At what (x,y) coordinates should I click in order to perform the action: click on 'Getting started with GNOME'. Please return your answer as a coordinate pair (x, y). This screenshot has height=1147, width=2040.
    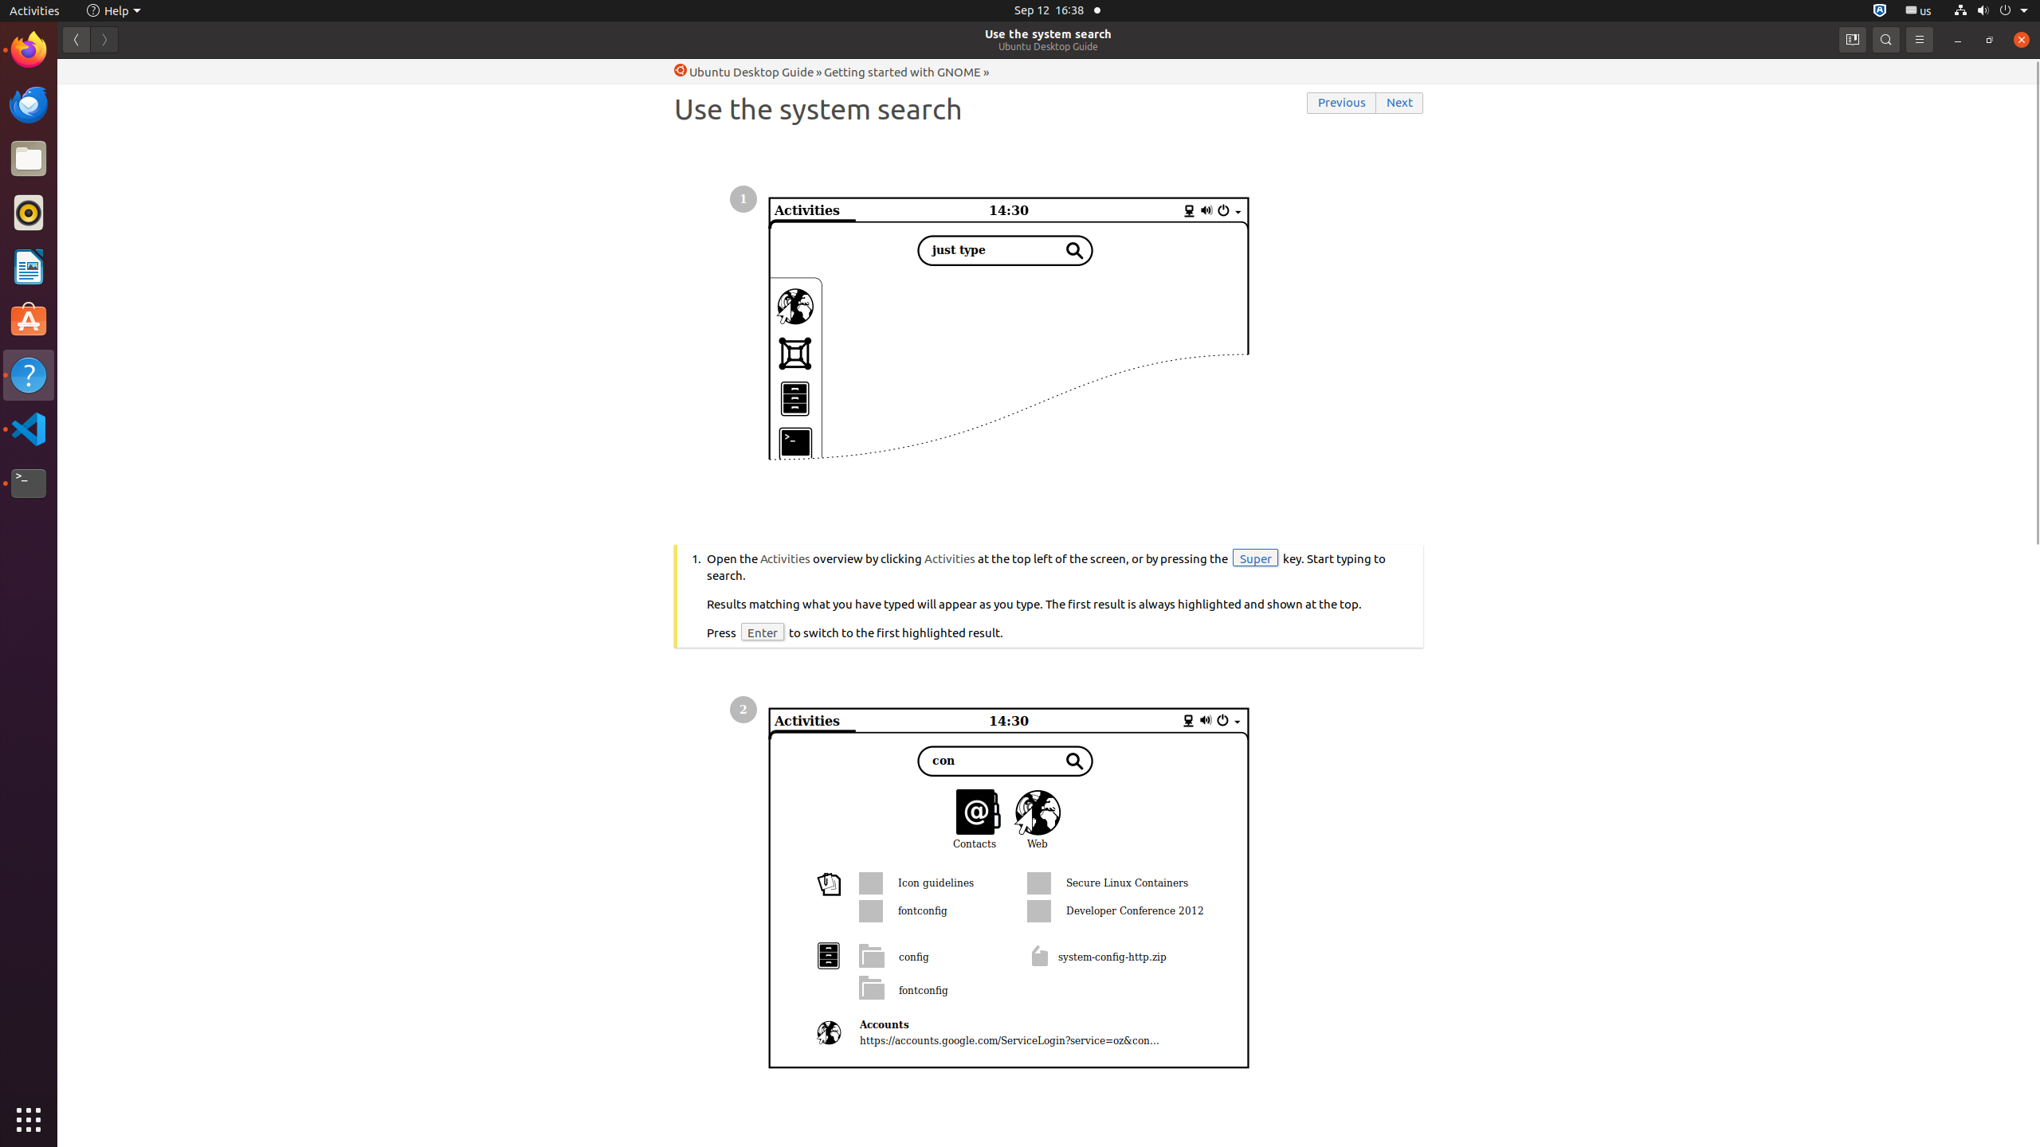
    Looking at the image, I should click on (902, 71).